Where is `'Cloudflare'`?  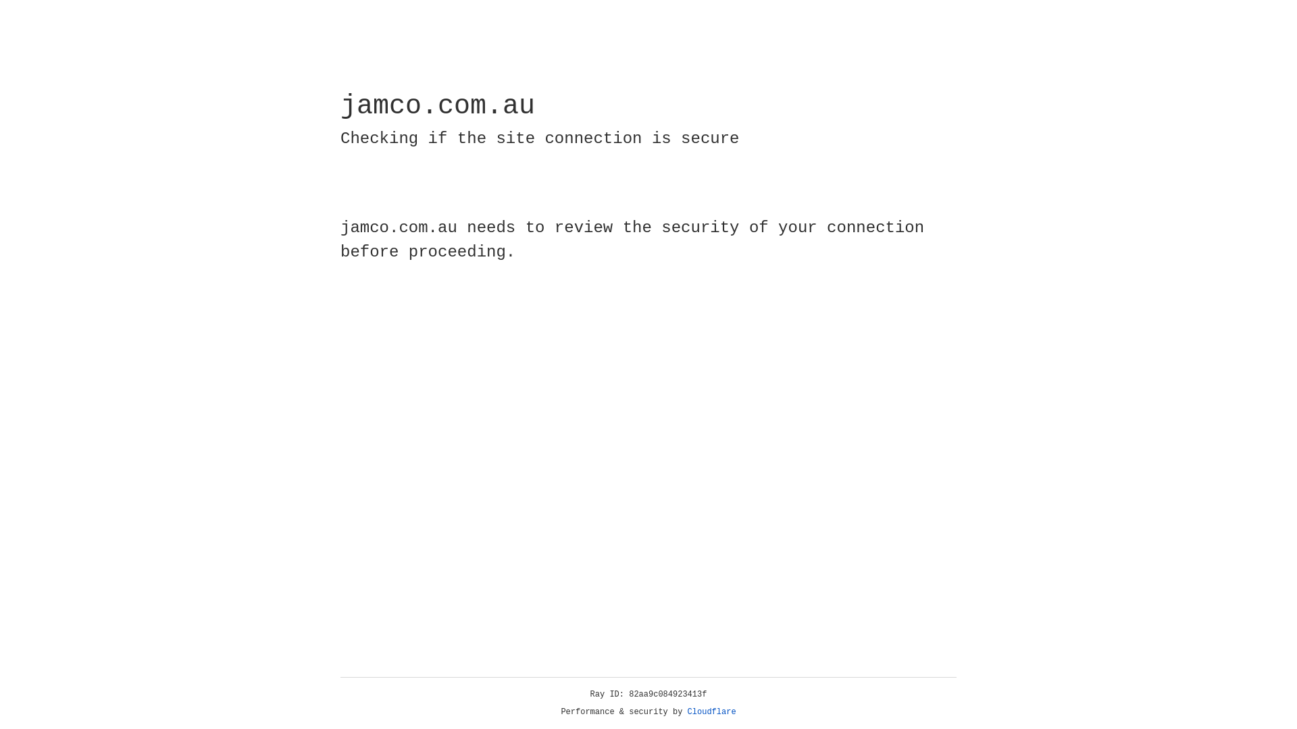
'Cloudflare' is located at coordinates (711, 711).